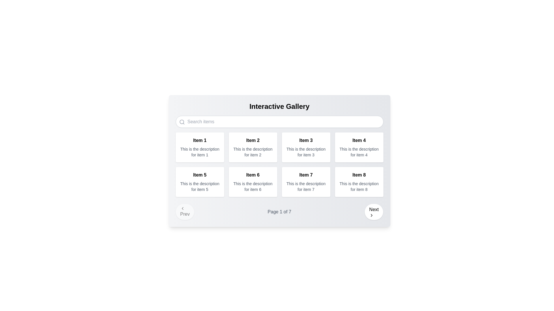  What do you see at coordinates (359, 147) in the screenshot?
I see `the informational card displaying 'Item 4' in the rightmost column of the first row of the gallery grid` at bounding box center [359, 147].